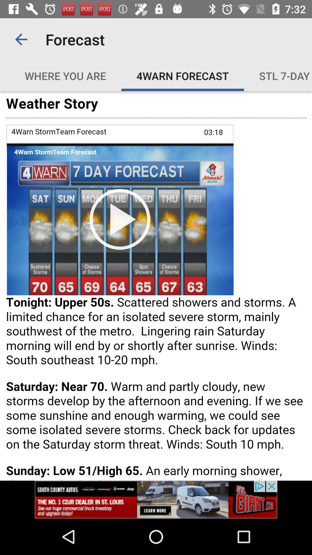  What do you see at coordinates (156, 499) in the screenshot?
I see `click on advertisements` at bounding box center [156, 499].